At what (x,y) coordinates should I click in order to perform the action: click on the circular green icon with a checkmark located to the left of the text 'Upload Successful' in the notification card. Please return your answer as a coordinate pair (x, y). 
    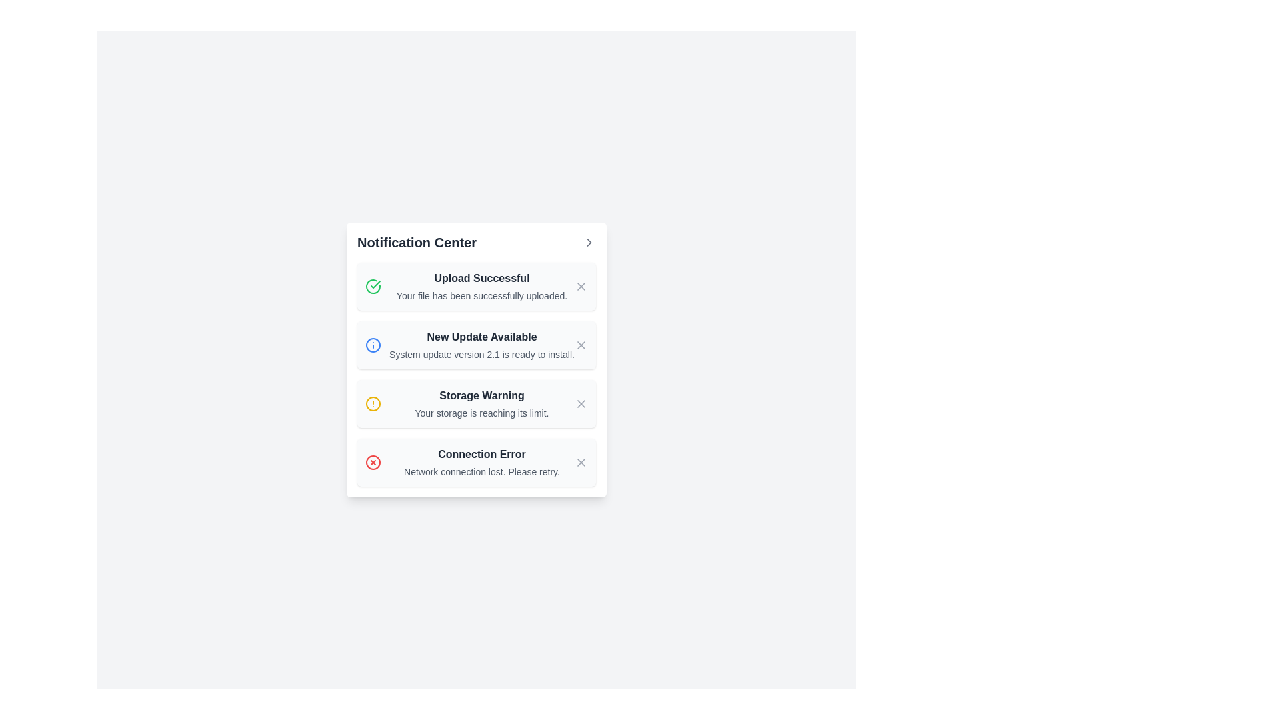
    Looking at the image, I should click on (373, 285).